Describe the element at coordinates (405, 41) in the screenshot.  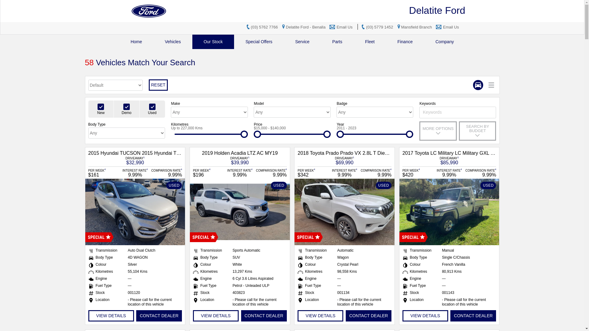
I see `'Finance'` at that location.